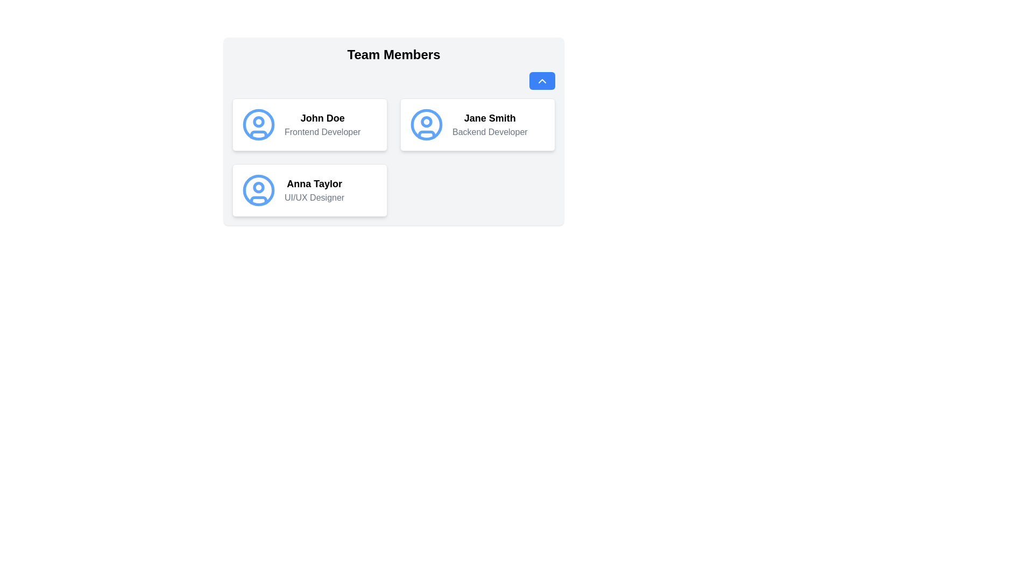  What do you see at coordinates (322, 118) in the screenshot?
I see `the Text label displaying 'John Doe' in bold style, located in the top-left section of a group of cards, above the text 'Frontend Developer' and to the right of an avatar icon` at bounding box center [322, 118].